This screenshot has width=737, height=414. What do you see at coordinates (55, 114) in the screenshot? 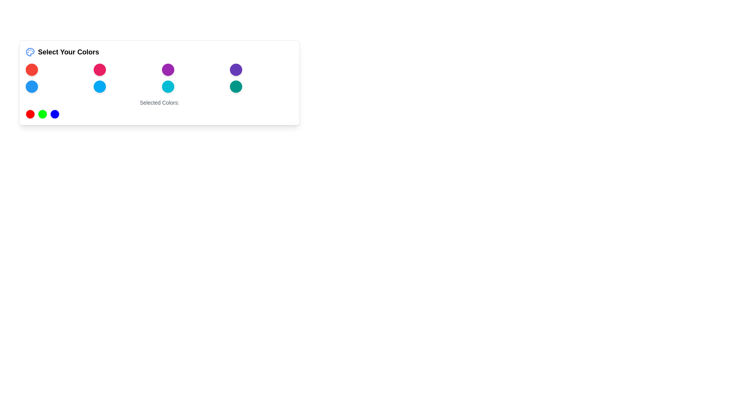
I see `the third button in a horizontal group of three color selector buttons, which is likely used` at bounding box center [55, 114].